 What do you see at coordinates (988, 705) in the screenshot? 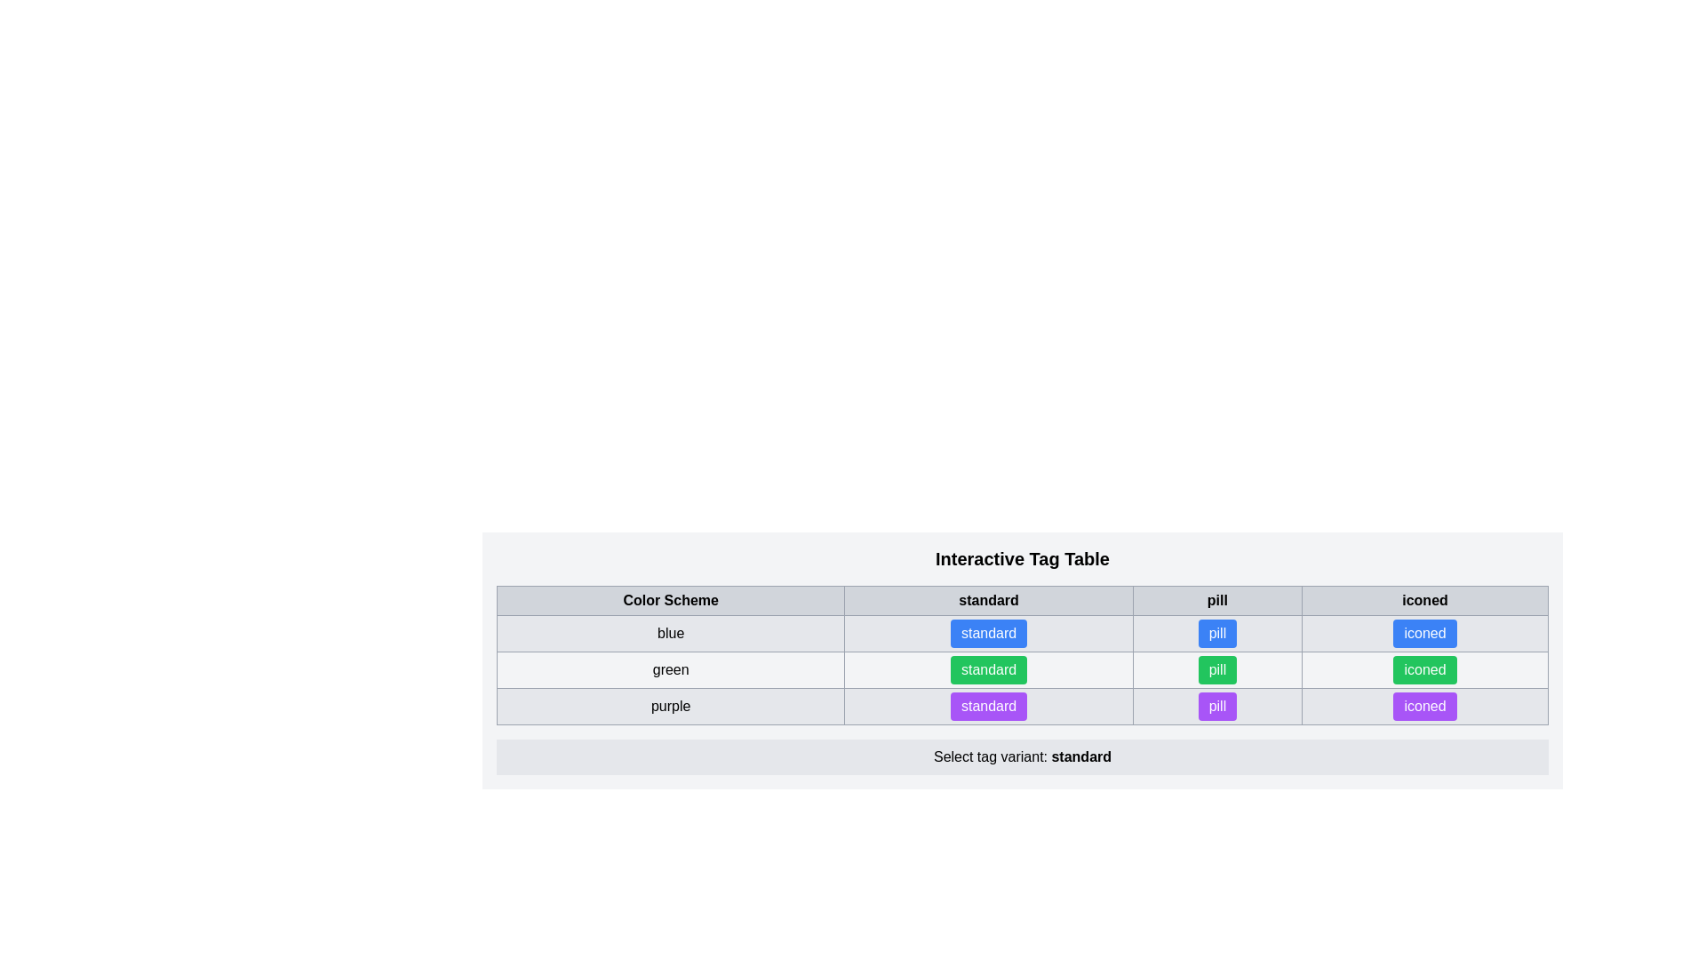
I see `the button in the third row of the table under the 'standard' column for the 'purple' color scheme` at bounding box center [988, 705].